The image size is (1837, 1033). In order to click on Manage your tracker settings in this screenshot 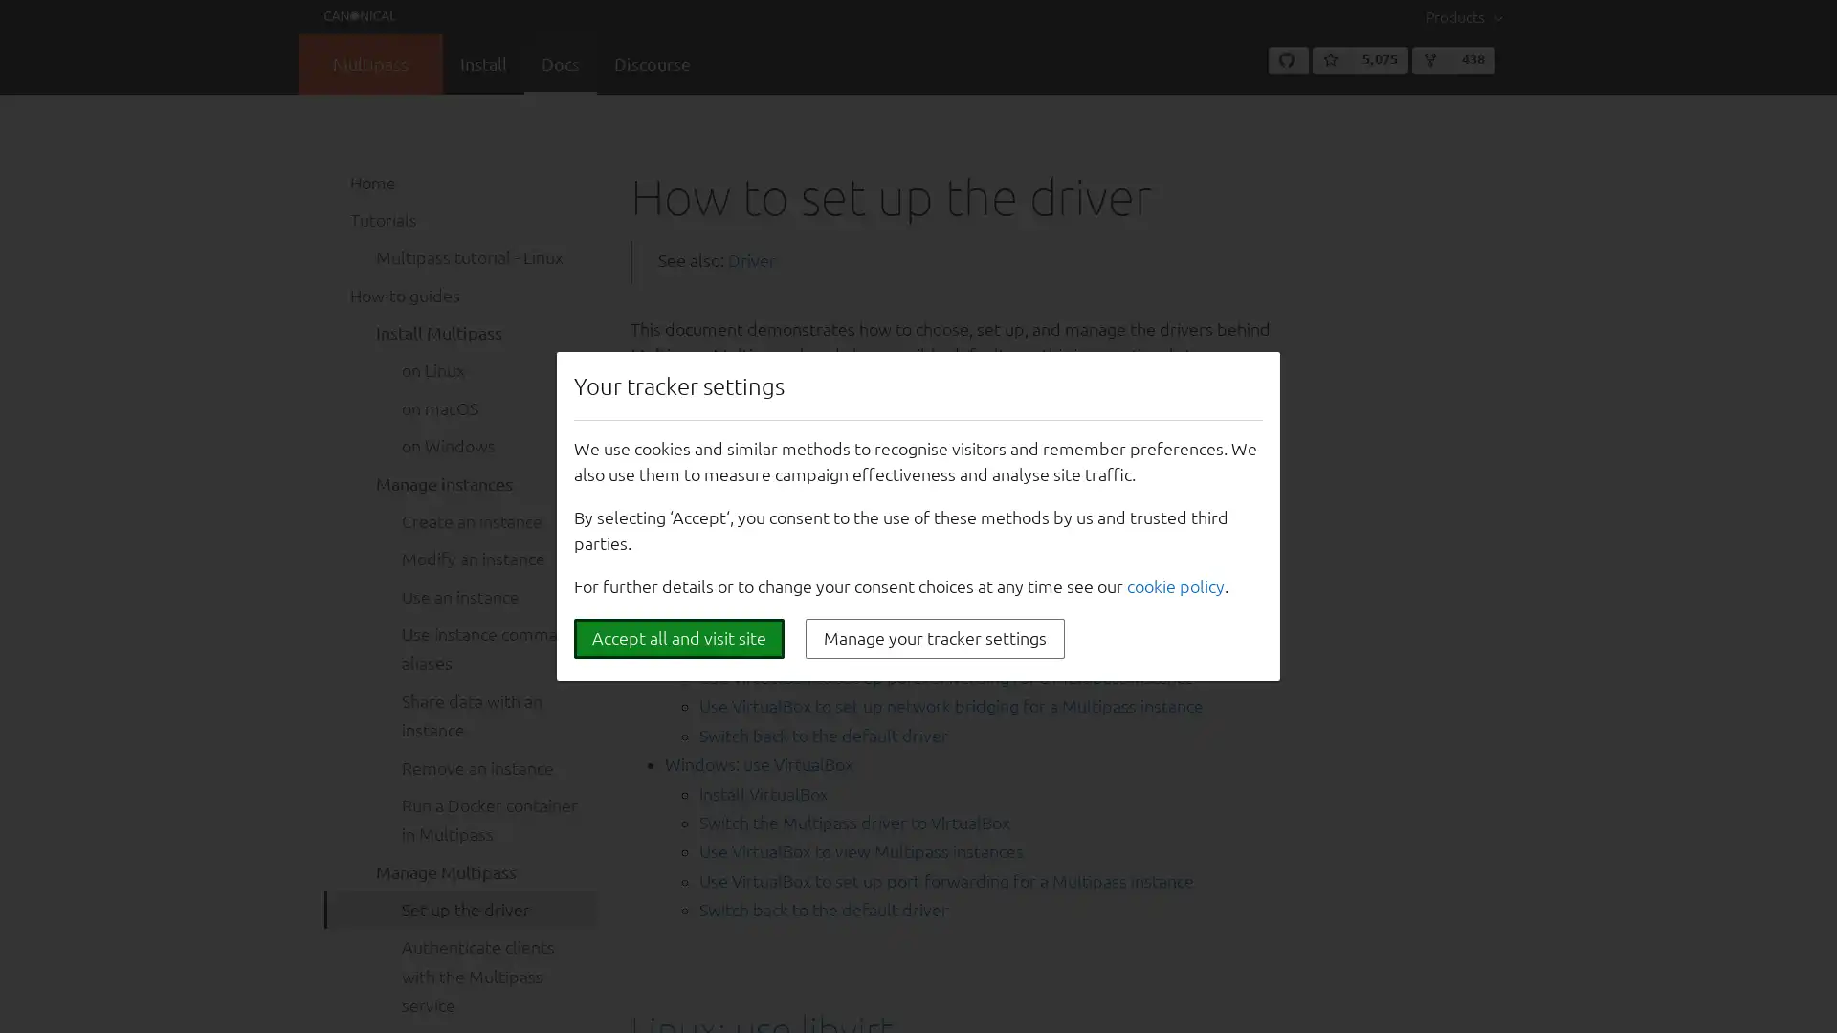, I will do `click(935, 638)`.